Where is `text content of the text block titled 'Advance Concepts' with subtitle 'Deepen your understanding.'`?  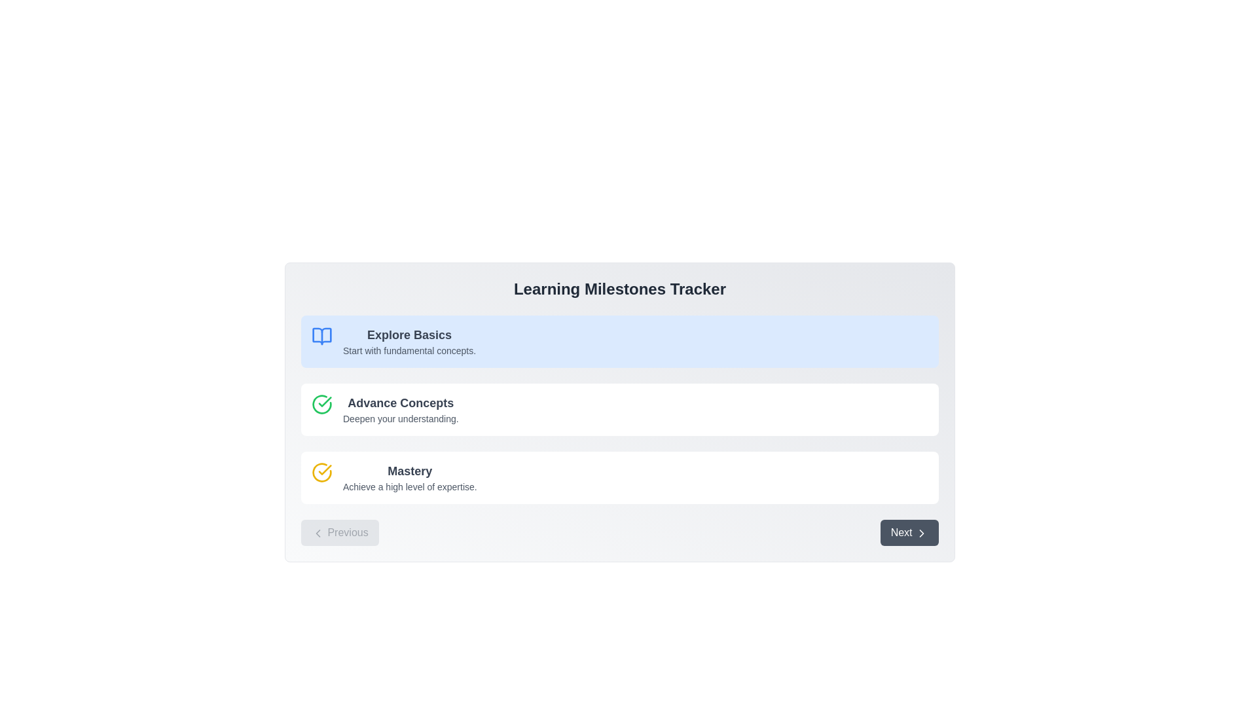 text content of the text block titled 'Advance Concepts' with subtitle 'Deepen your understanding.' is located at coordinates (400, 408).